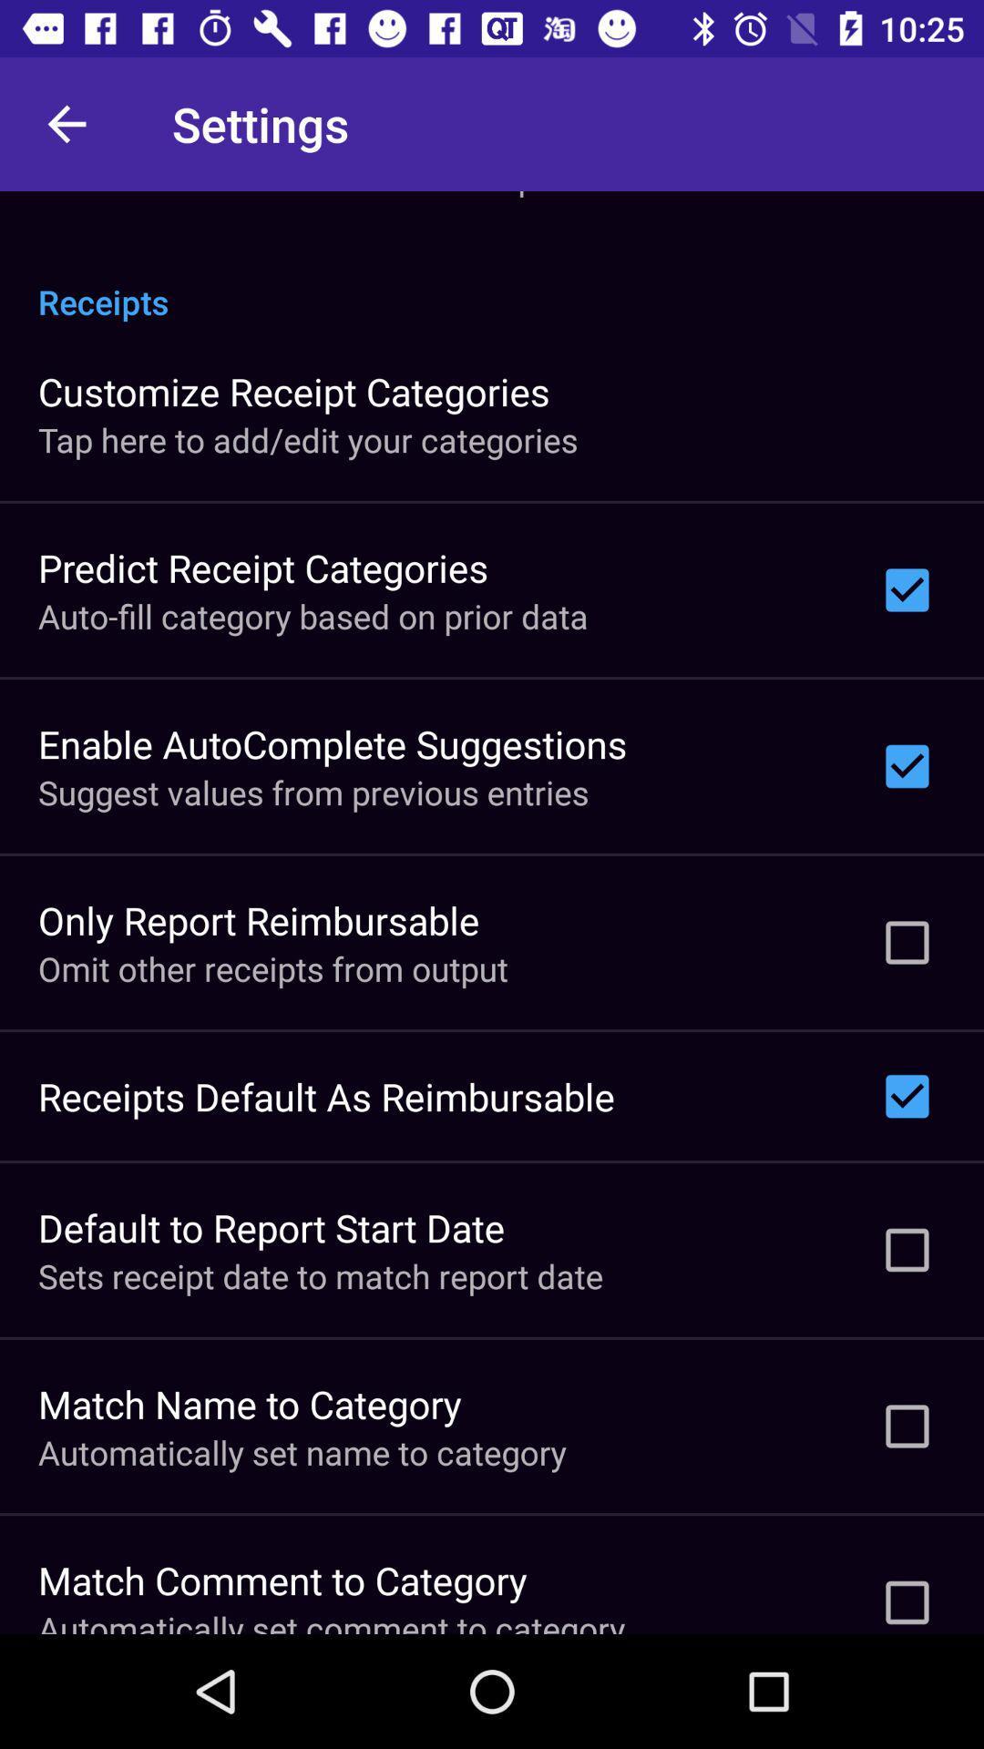 Image resolution: width=984 pixels, height=1749 pixels. I want to click on the omit other receipts item, so click(273, 967).